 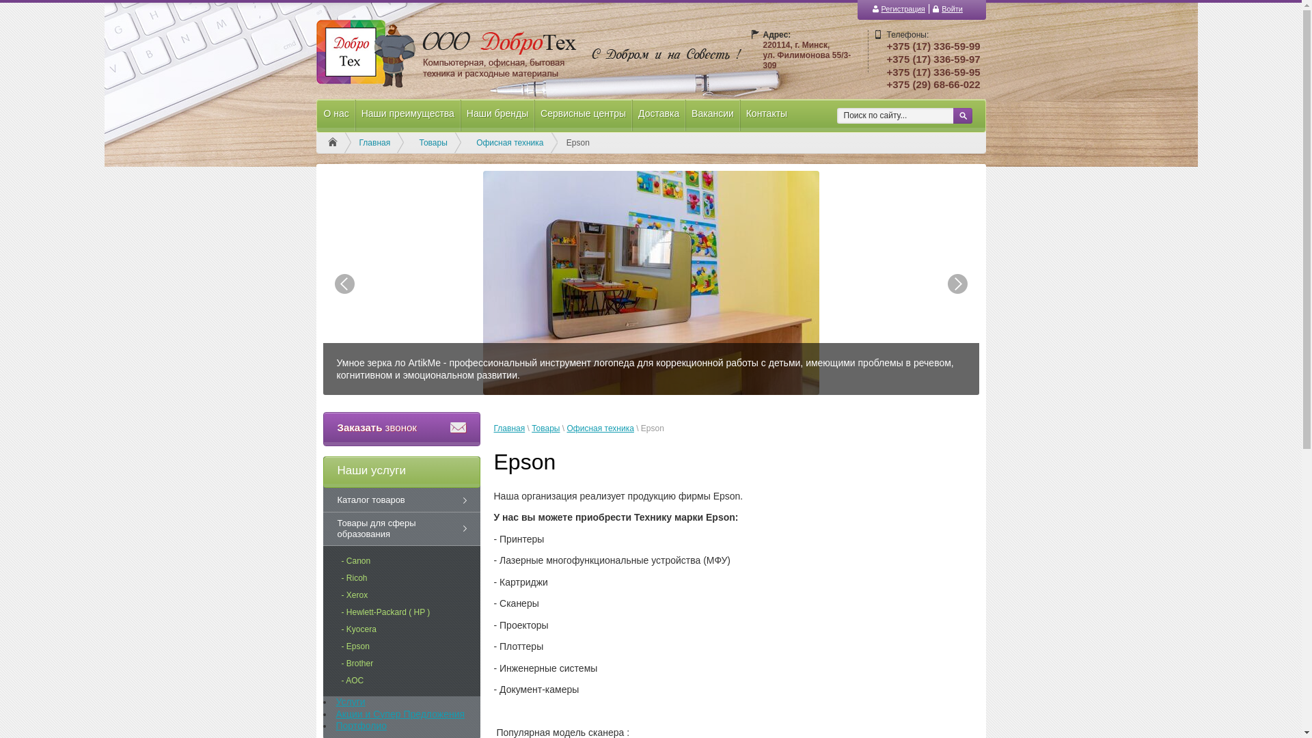 What do you see at coordinates (344, 283) in the screenshot?
I see `'Prev'` at bounding box center [344, 283].